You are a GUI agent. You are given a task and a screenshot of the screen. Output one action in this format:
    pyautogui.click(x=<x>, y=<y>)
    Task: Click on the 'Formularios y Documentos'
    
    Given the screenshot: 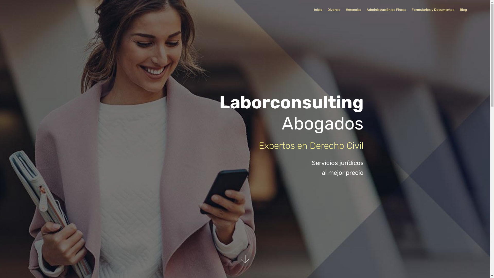 What is the action you would take?
    pyautogui.click(x=411, y=10)
    